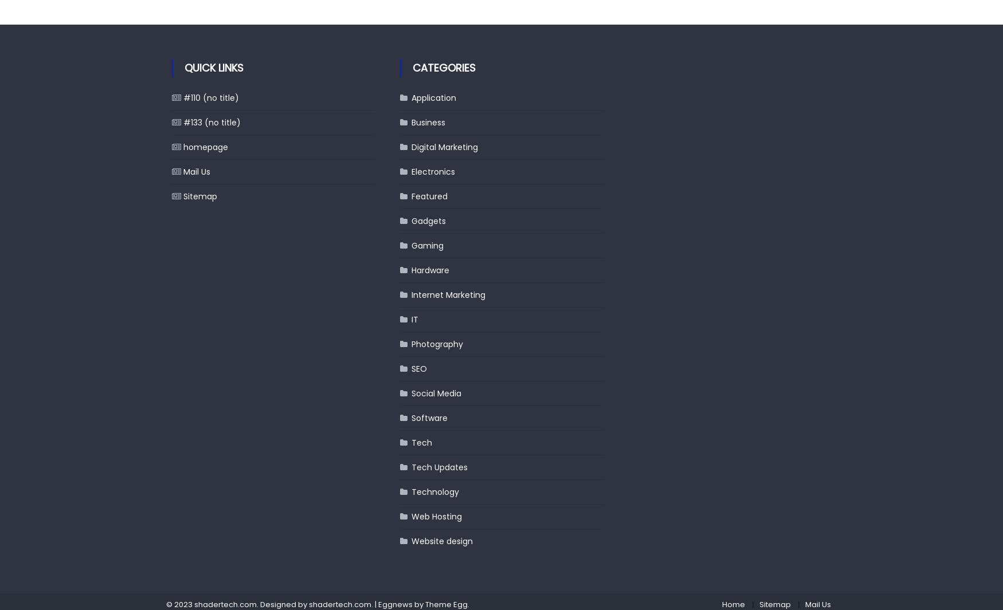 The height and width of the screenshot is (610, 1003). What do you see at coordinates (439, 467) in the screenshot?
I see `'Tech Updates'` at bounding box center [439, 467].